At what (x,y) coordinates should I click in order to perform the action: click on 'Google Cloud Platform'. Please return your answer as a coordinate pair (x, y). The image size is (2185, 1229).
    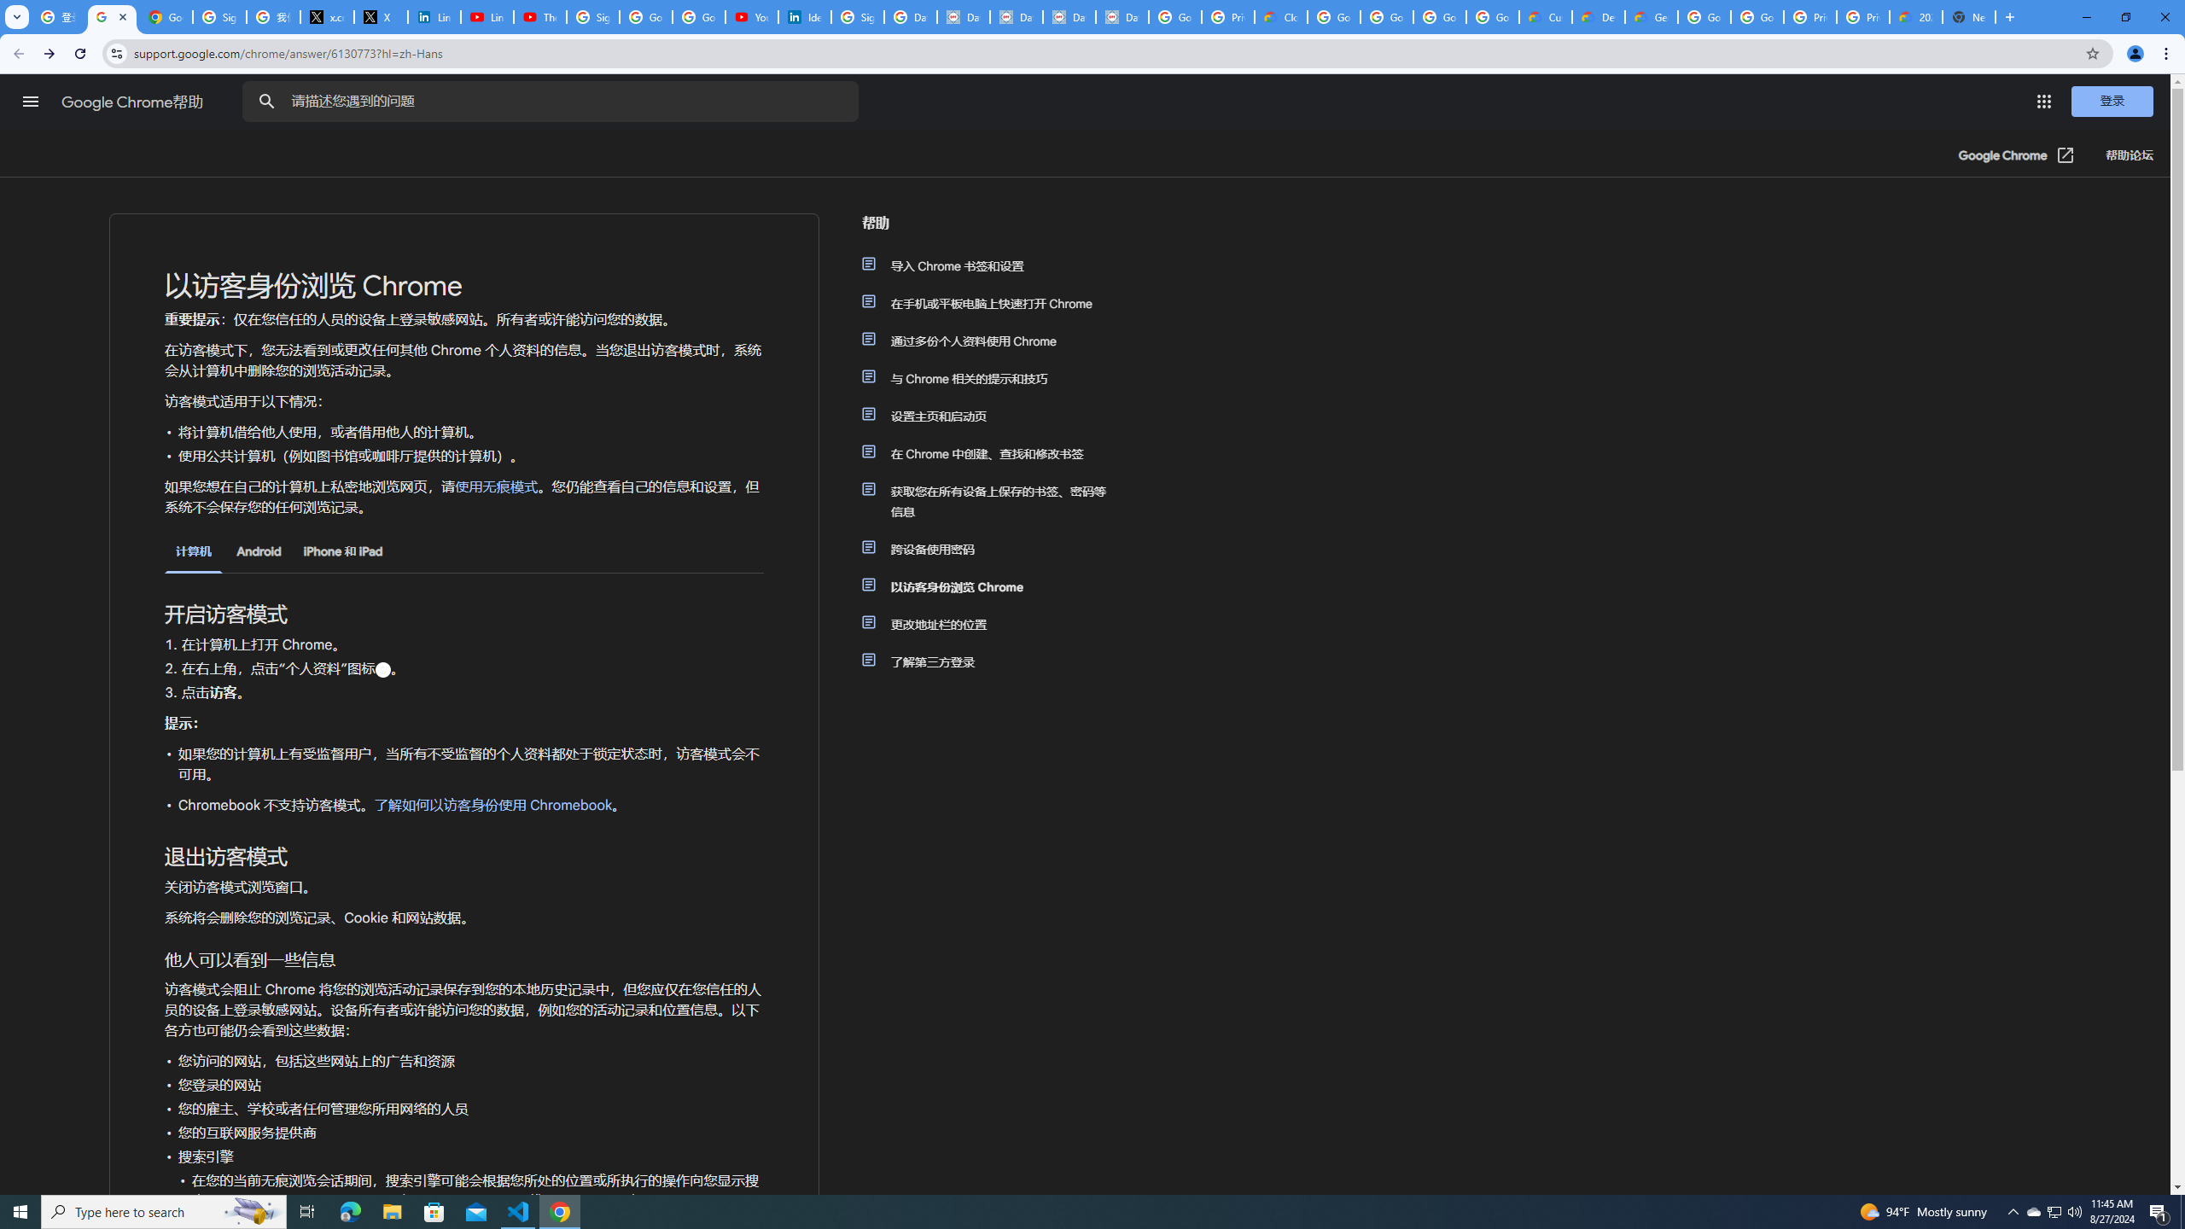
    Looking at the image, I should click on (1704, 16).